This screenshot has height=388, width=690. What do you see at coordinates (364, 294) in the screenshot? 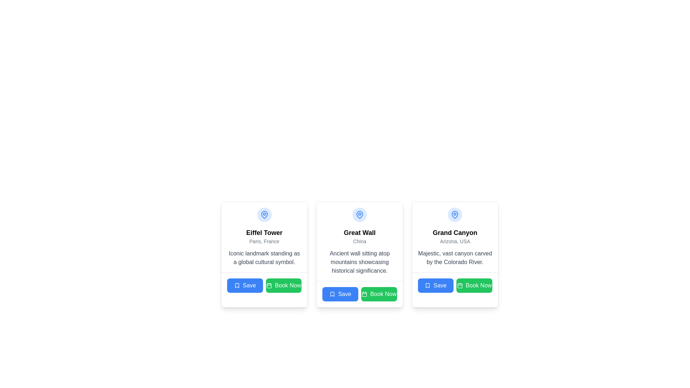
I see `the calendar icon located in the left segment of the 'Book Now' button on the 'Great Wall' card, which is aligned vertically with the button text` at bounding box center [364, 294].